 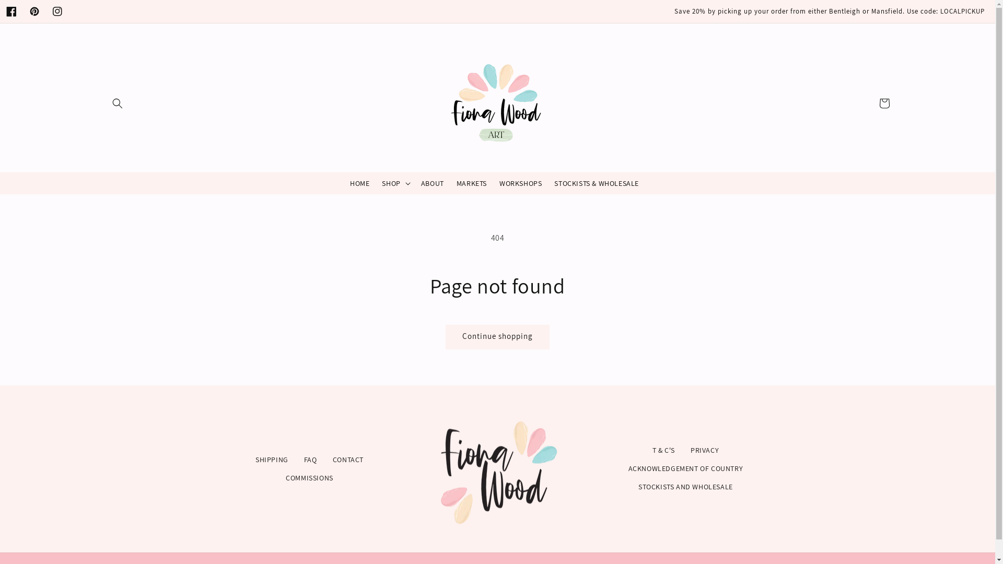 I want to click on 'ACKNOWLEDGEMENT OF COUNTRY', so click(x=686, y=468).